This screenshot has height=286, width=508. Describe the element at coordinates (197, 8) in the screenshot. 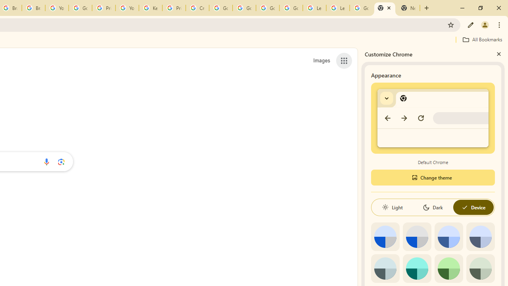

I see `'Create your Google Account'` at that location.